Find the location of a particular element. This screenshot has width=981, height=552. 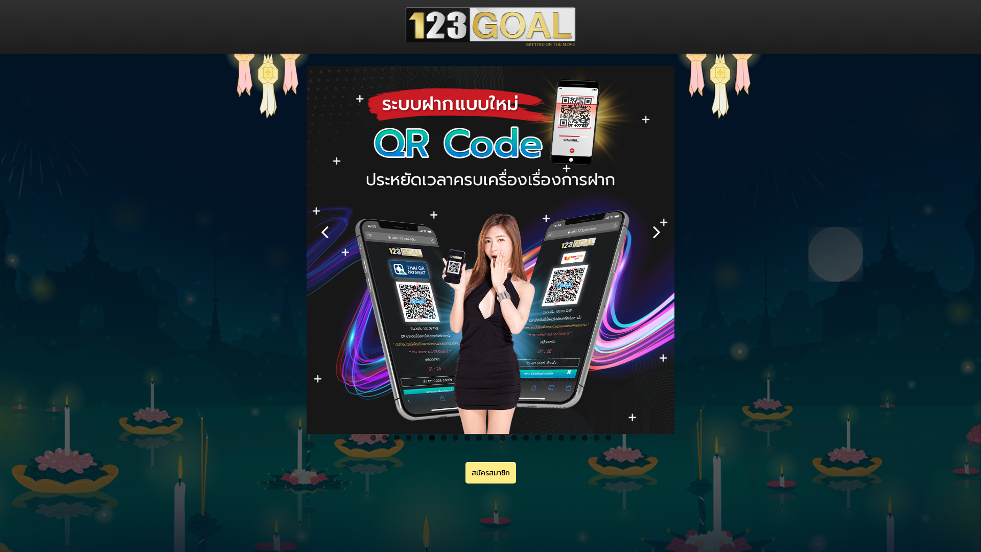

'13' is located at coordinates (510, 437).